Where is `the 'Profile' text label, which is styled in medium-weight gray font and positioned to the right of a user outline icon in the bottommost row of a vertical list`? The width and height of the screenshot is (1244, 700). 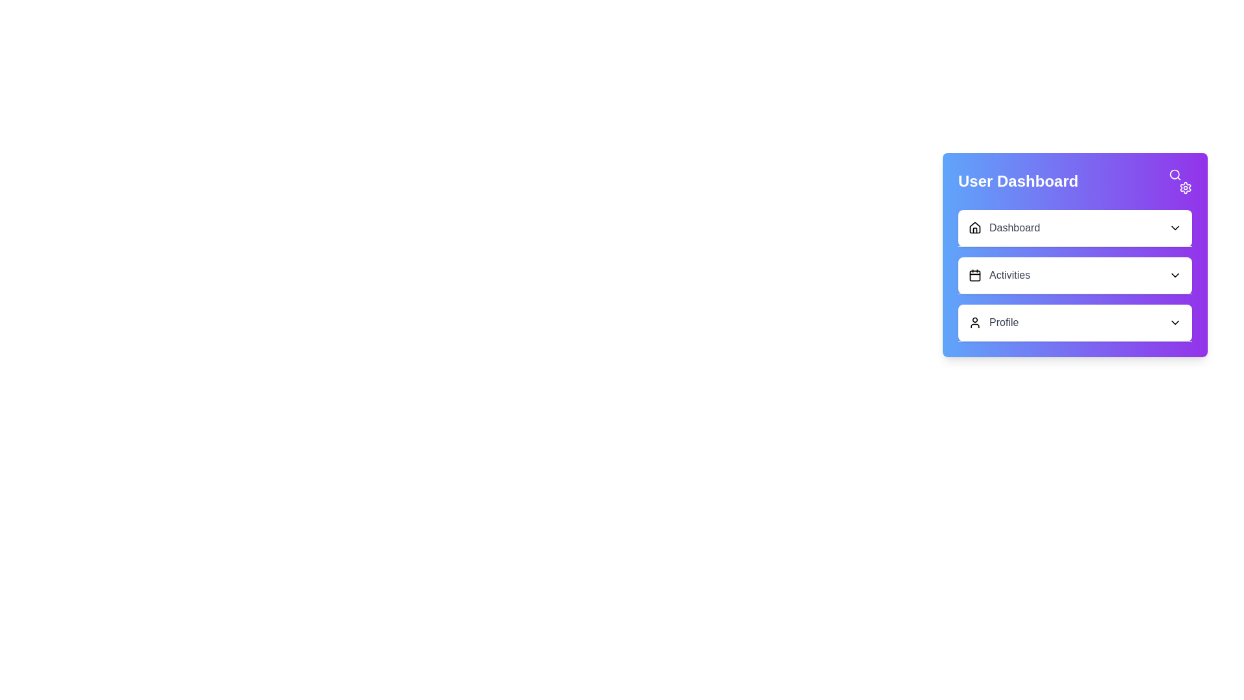 the 'Profile' text label, which is styled in medium-weight gray font and positioned to the right of a user outline icon in the bottommost row of a vertical list is located at coordinates (1003, 321).